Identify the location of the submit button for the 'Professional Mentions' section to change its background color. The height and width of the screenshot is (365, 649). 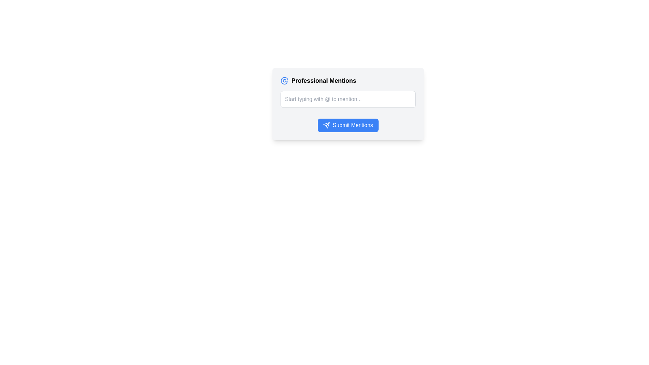
(348, 125).